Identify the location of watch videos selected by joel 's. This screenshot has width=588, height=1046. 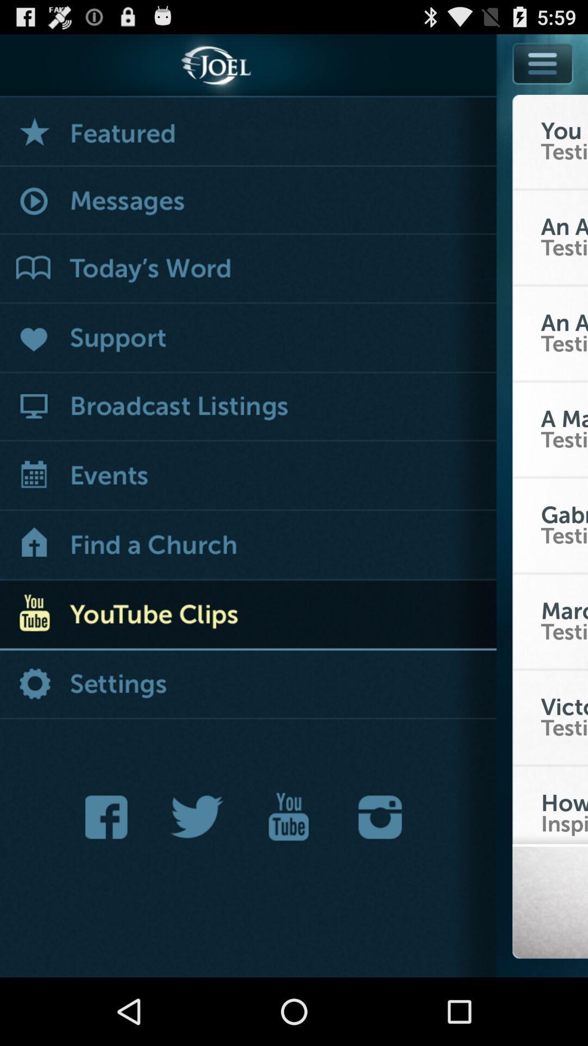
(248, 131).